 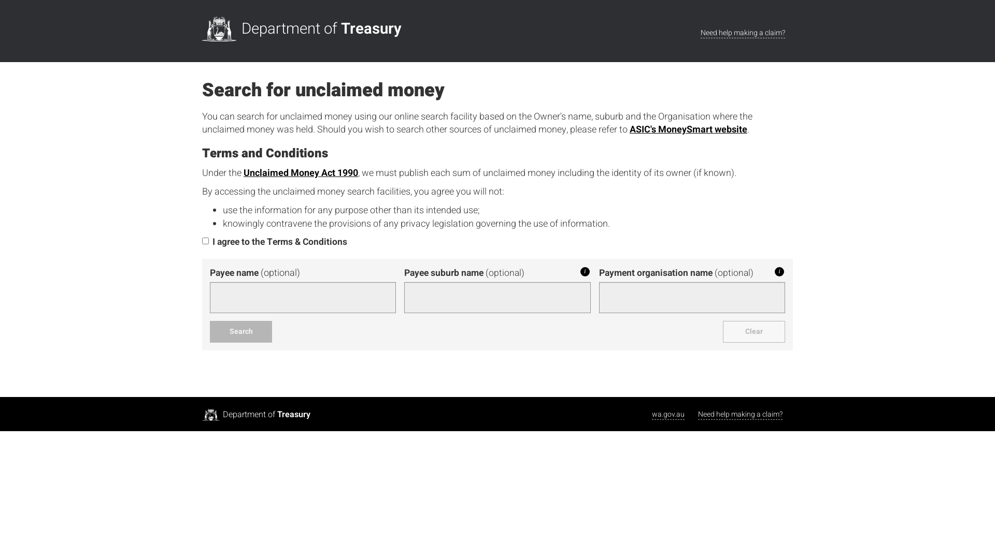 What do you see at coordinates (240, 331) in the screenshot?
I see `'Search'` at bounding box center [240, 331].